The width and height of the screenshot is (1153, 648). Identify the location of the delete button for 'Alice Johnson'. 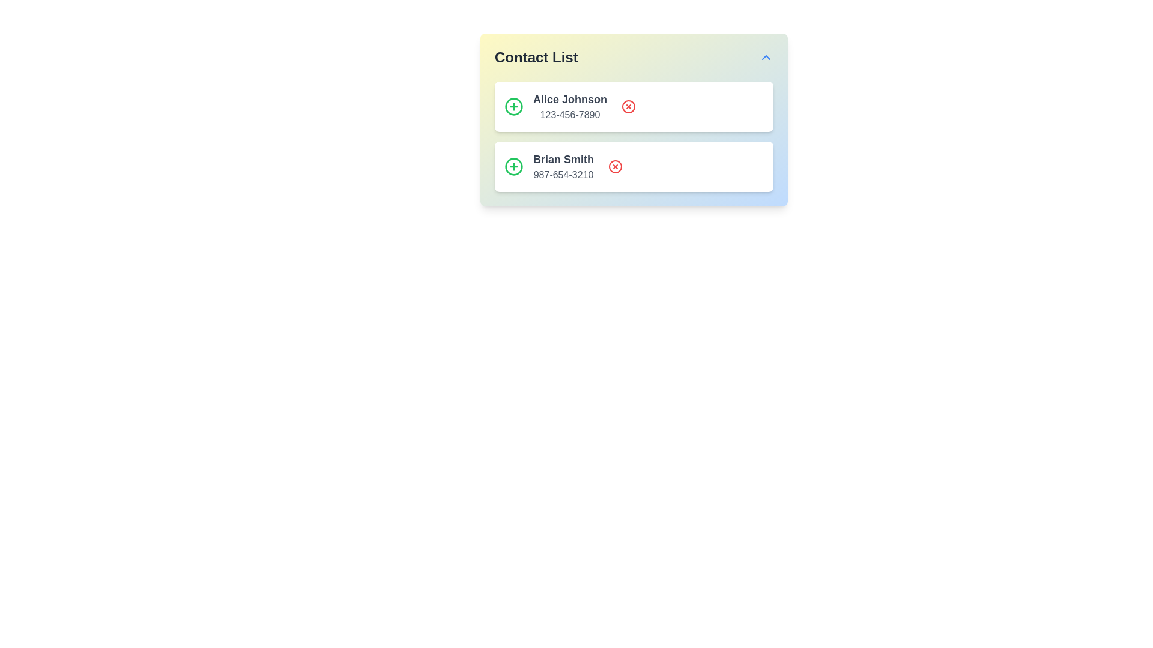
(628, 106).